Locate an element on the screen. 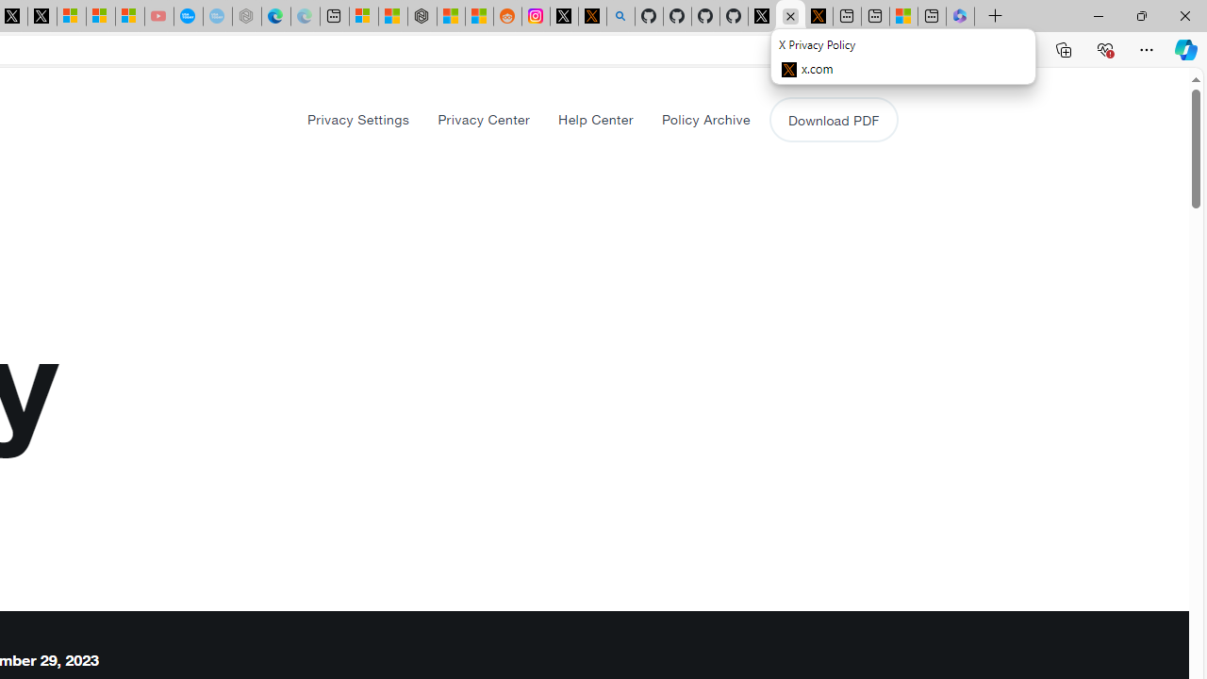 This screenshot has height=679, width=1207. 'Log in to X / X' is located at coordinates (563, 16).